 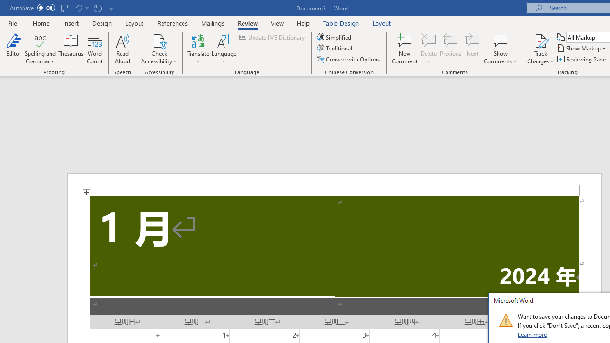 I want to click on 'Read Aloud', so click(x=122, y=49).